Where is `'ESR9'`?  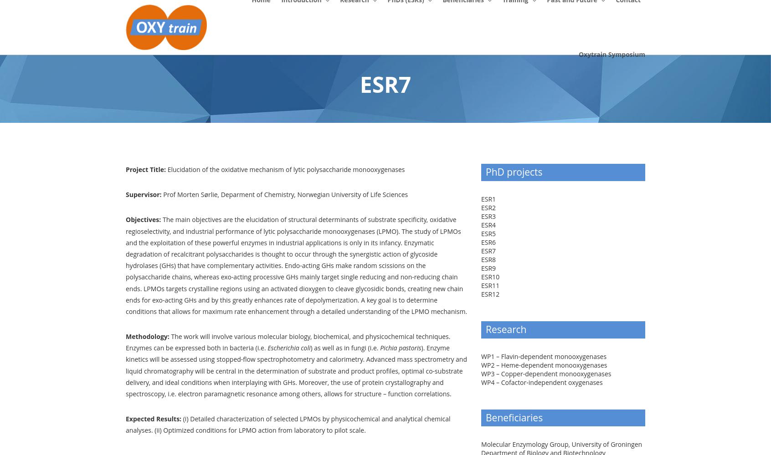
'ESR9' is located at coordinates (488, 267).